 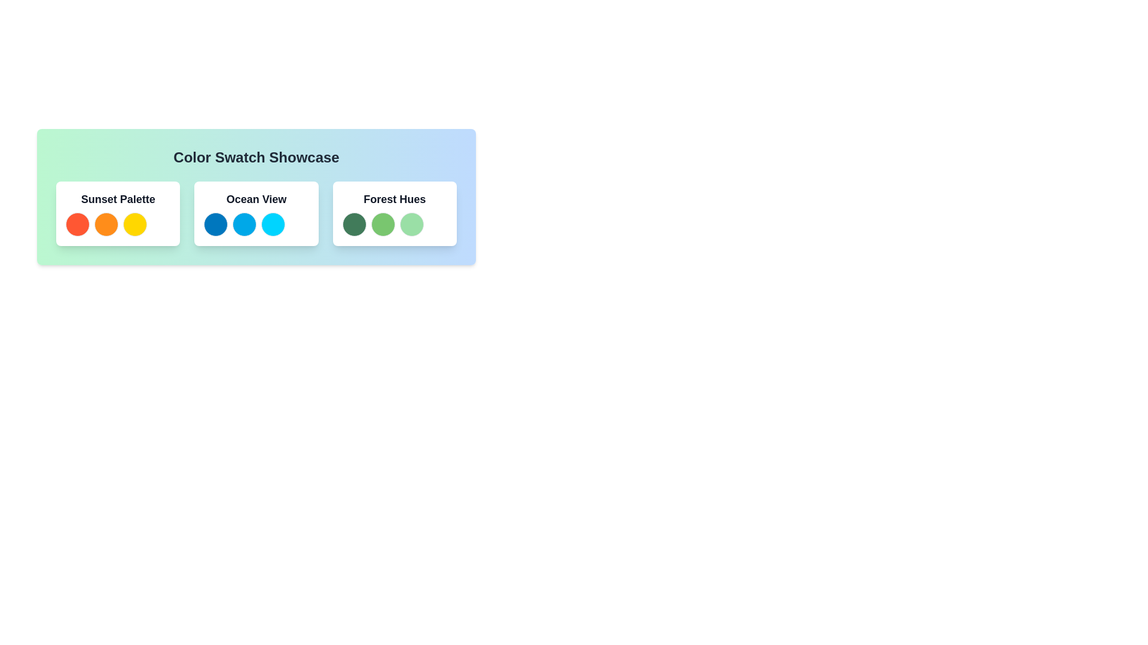 I want to click on the leftmost blue color swatch in the 'Ocean View' group, which is a rounded circular UI component located below the 'Color Swatch Showcase' title, so click(x=216, y=224).